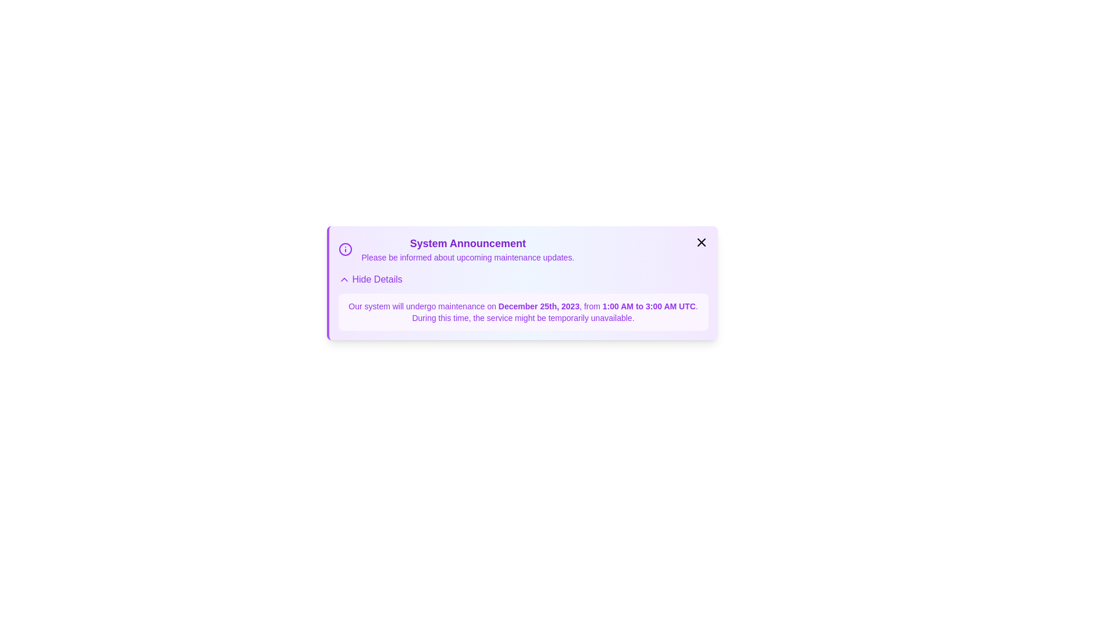 This screenshot has width=1117, height=628. What do you see at coordinates (647, 306) in the screenshot?
I see `the Text label displaying '1:00 AM to 3:00 AM UTC' in purple font, located within a notification box under the system maintenance schedule announcement` at bounding box center [647, 306].